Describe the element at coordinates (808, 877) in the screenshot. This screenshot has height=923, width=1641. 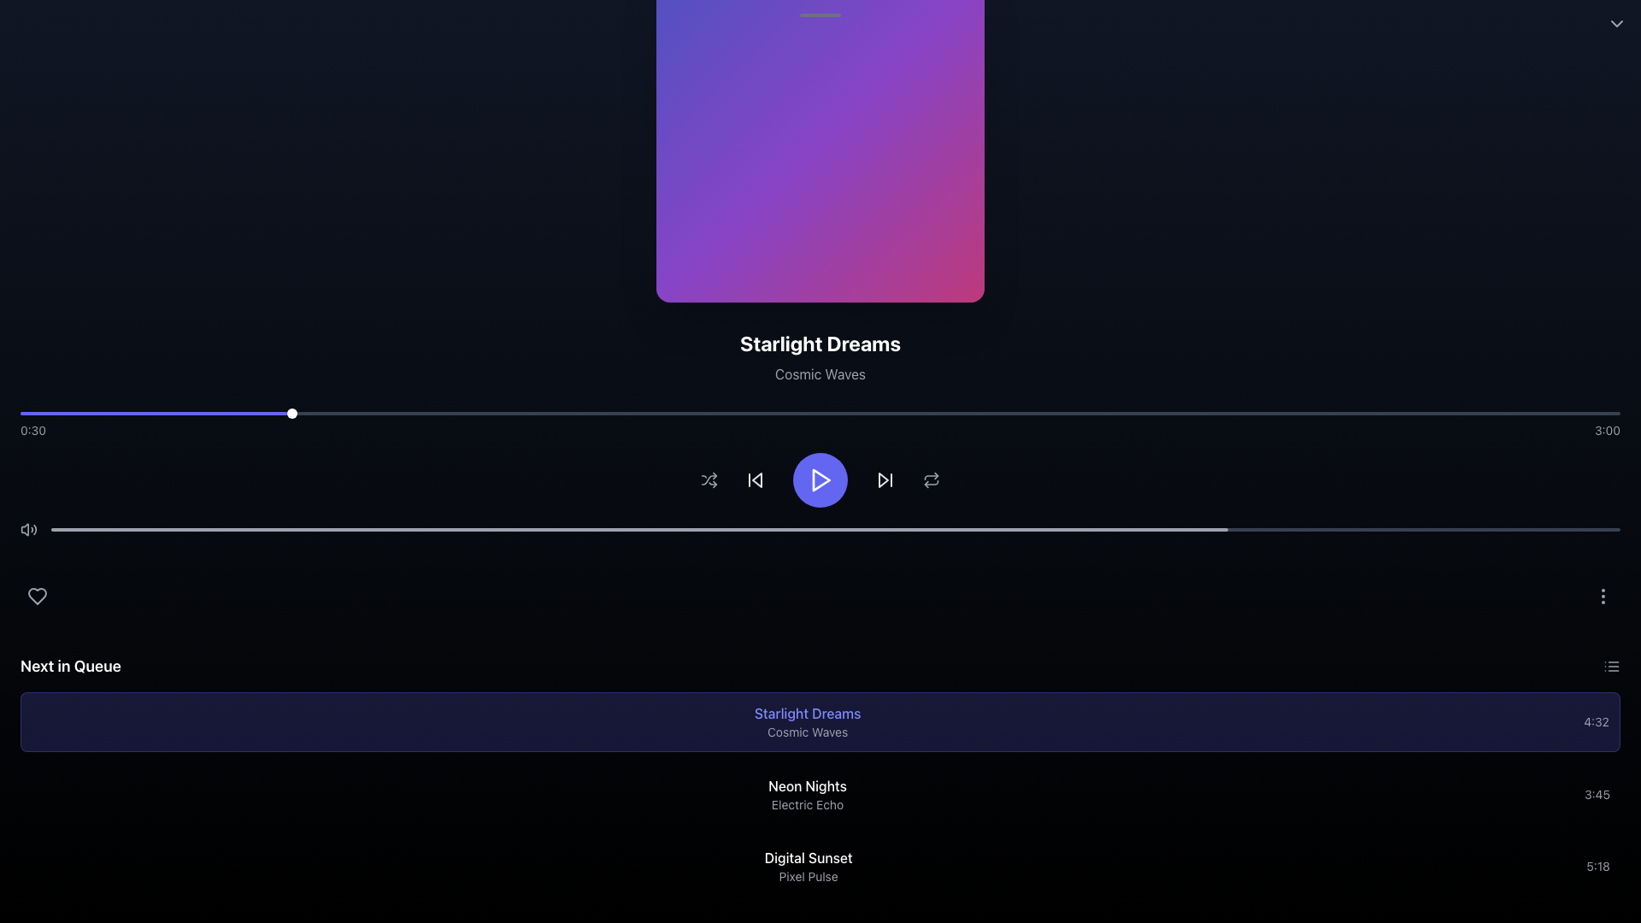
I see `text displayed in the label that shows 'Pixel Pulse', which is styled in light gray and located below the 'Digital Sunset' label` at that location.